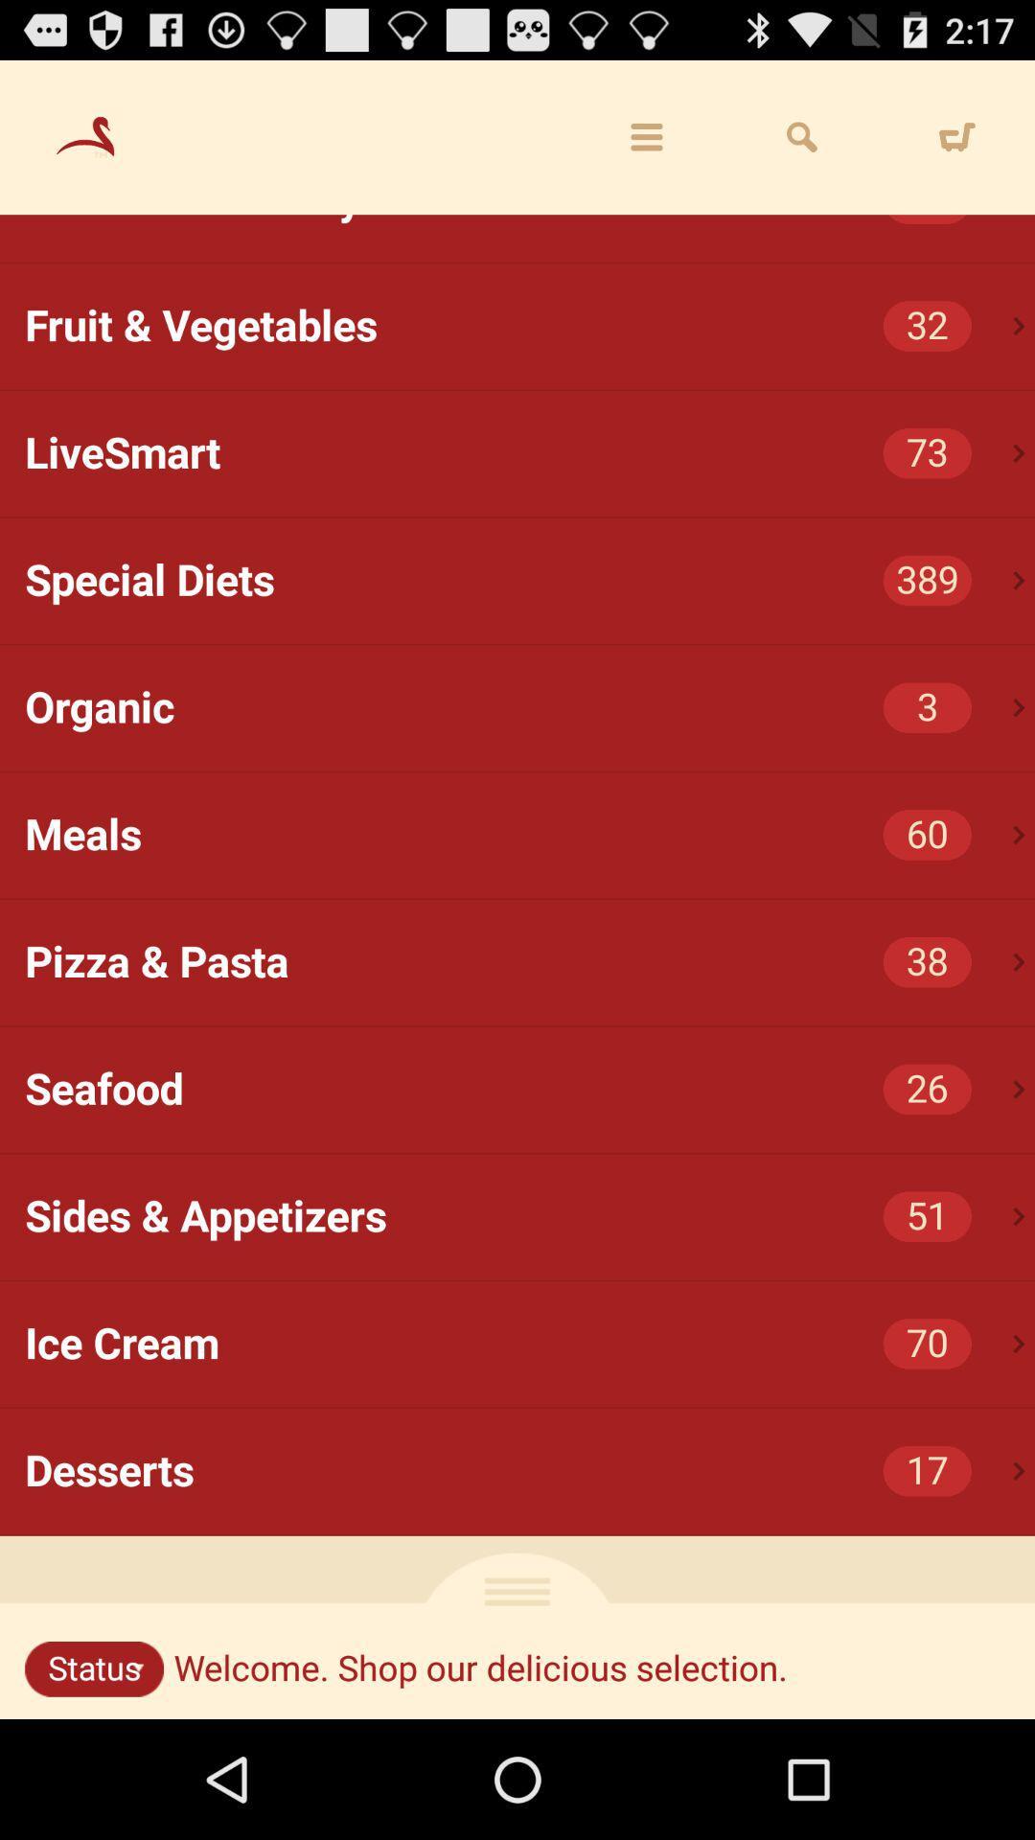  Describe the element at coordinates (802, 146) in the screenshot. I see `the search icon` at that location.